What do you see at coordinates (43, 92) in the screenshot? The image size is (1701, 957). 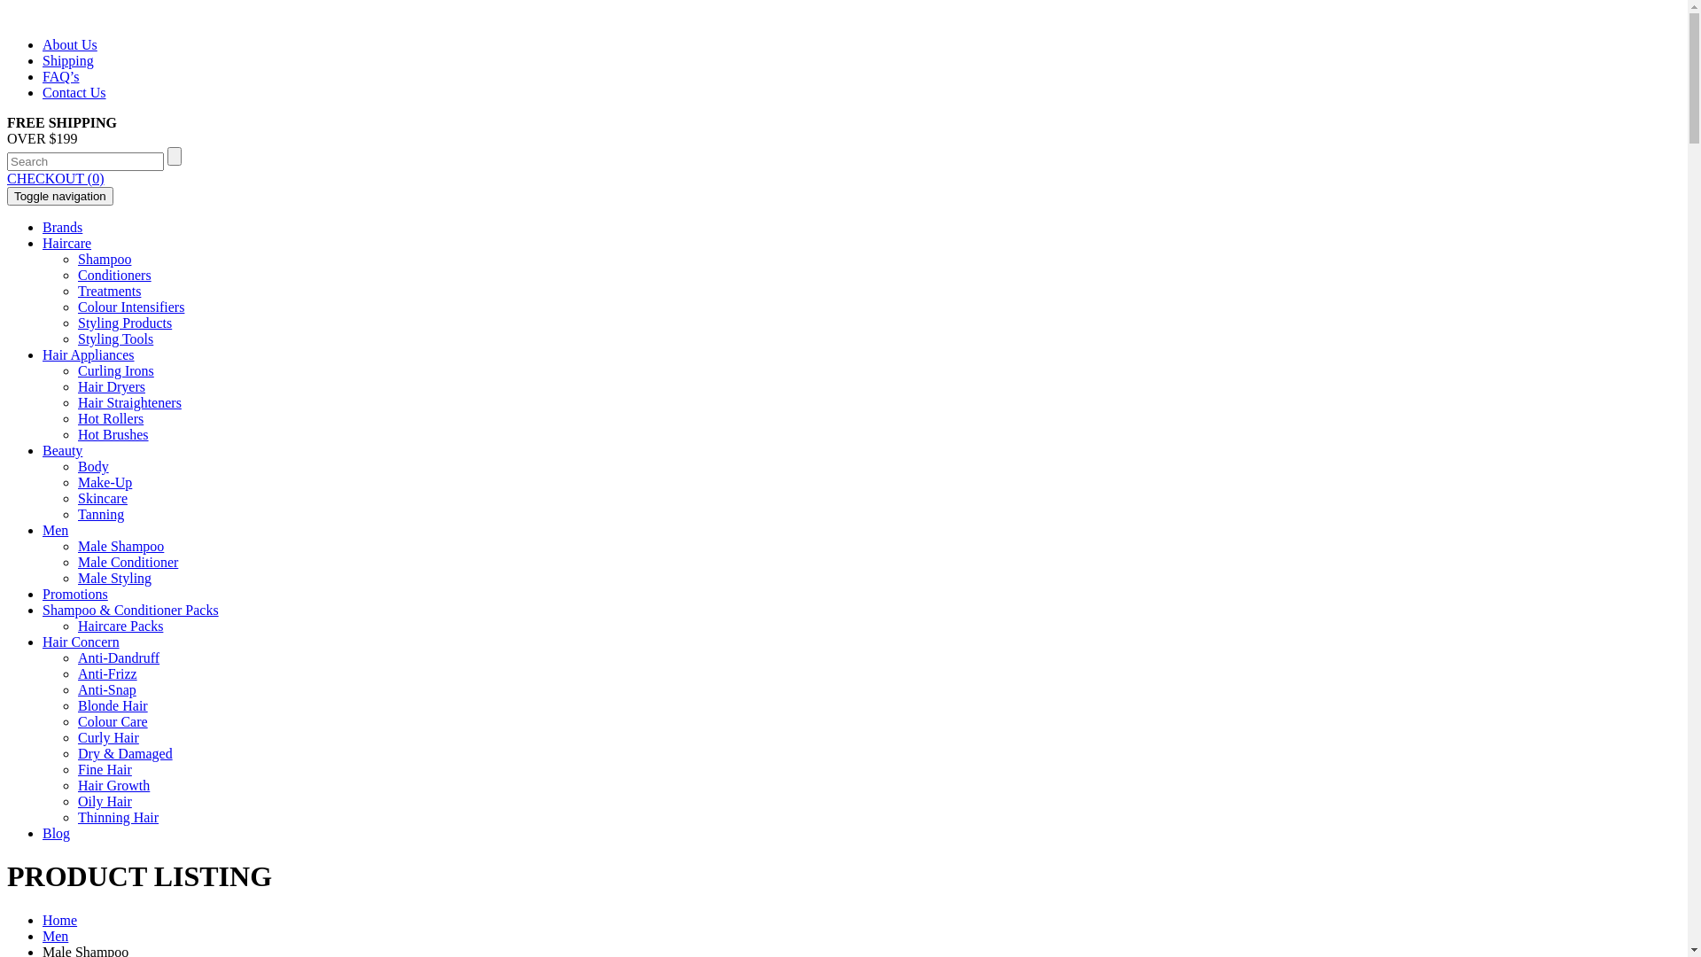 I see `'Contact Us'` at bounding box center [43, 92].